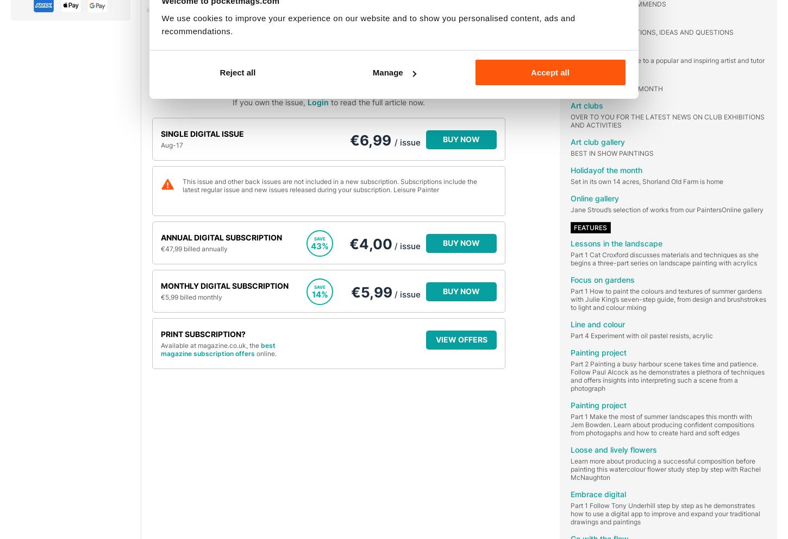  What do you see at coordinates (646, 181) in the screenshot?
I see `'Set in its own 14 acres, Shorland Old Farm is home'` at bounding box center [646, 181].